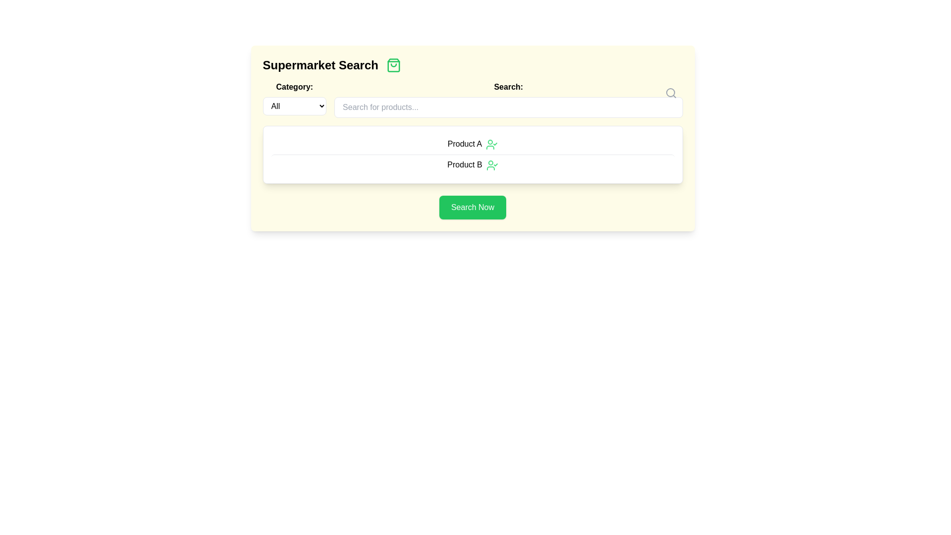 This screenshot has width=951, height=535. Describe the element at coordinates (670, 92) in the screenshot. I see `the magnifying glass icon, which is part of the search functionality located at the end of the search input box in the toolbar group` at that location.